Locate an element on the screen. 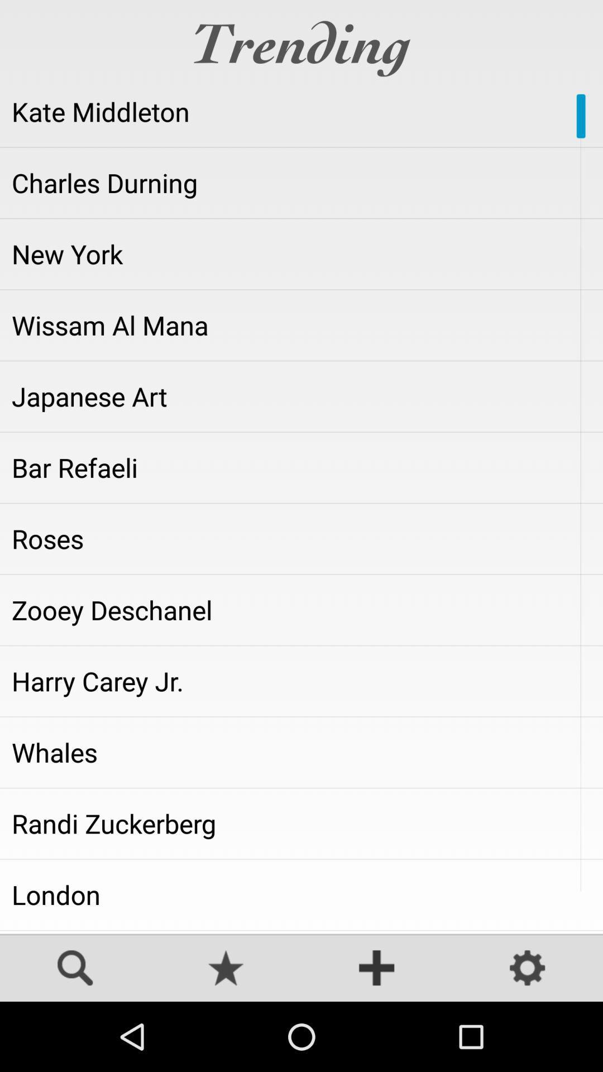  show more is located at coordinates (377, 969).